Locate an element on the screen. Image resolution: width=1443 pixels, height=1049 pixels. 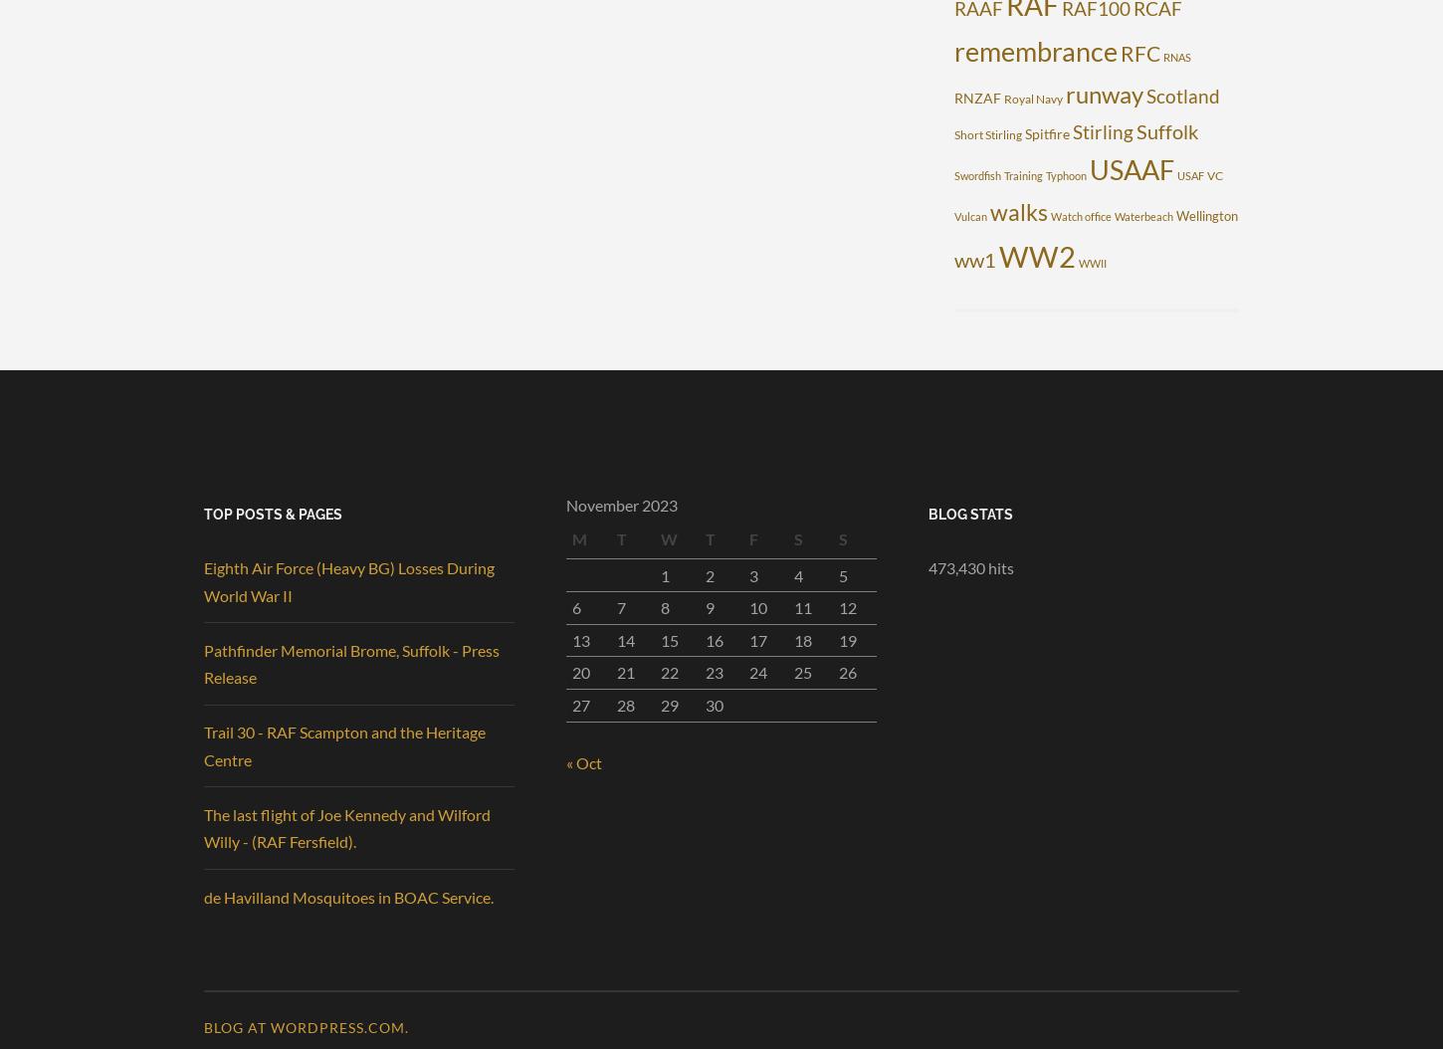
'Waterbeach' is located at coordinates (1113, 216).